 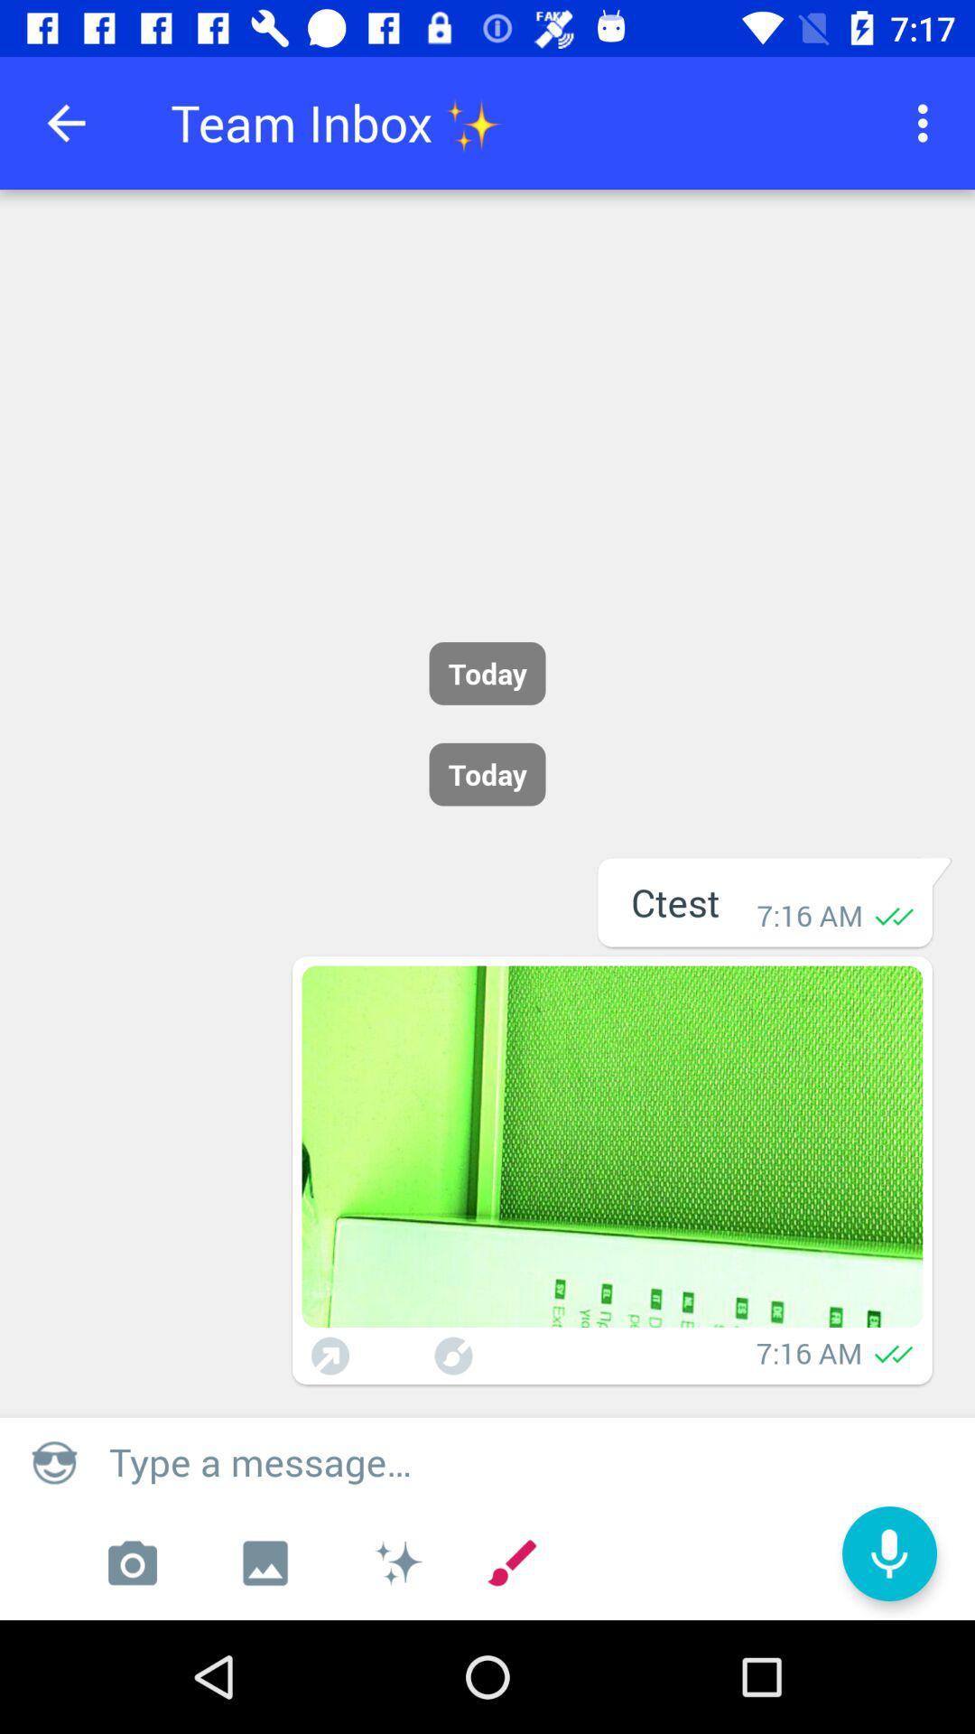 What do you see at coordinates (396, 1562) in the screenshot?
I see `stickers` at bounding box center [396, 1562].